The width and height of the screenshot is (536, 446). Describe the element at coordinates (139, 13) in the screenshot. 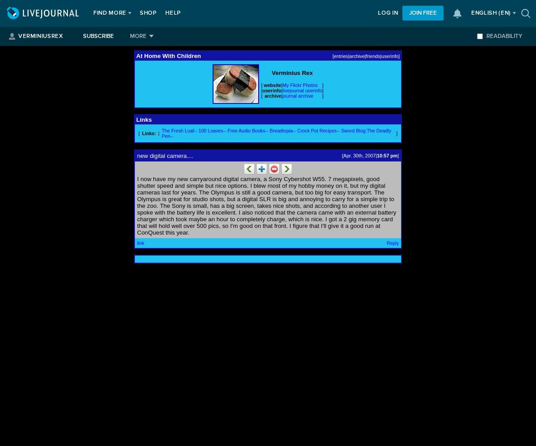

I see `'Shop'` at that location.